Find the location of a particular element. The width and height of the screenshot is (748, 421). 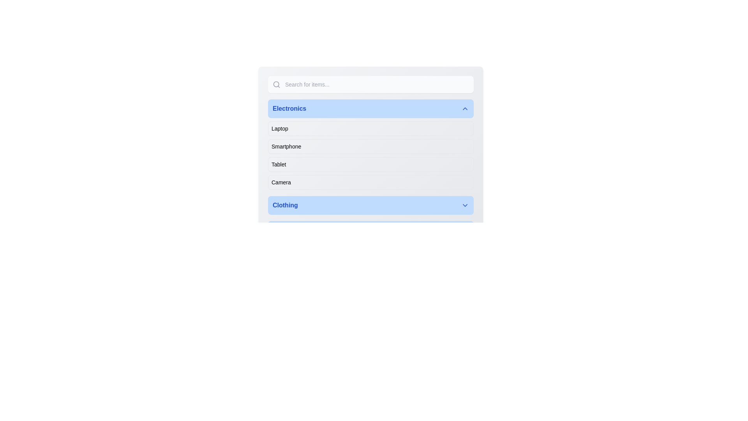

the 'Electronics' section label to trigger a tooltip or highlight effect is located at coordinates (289, 108).